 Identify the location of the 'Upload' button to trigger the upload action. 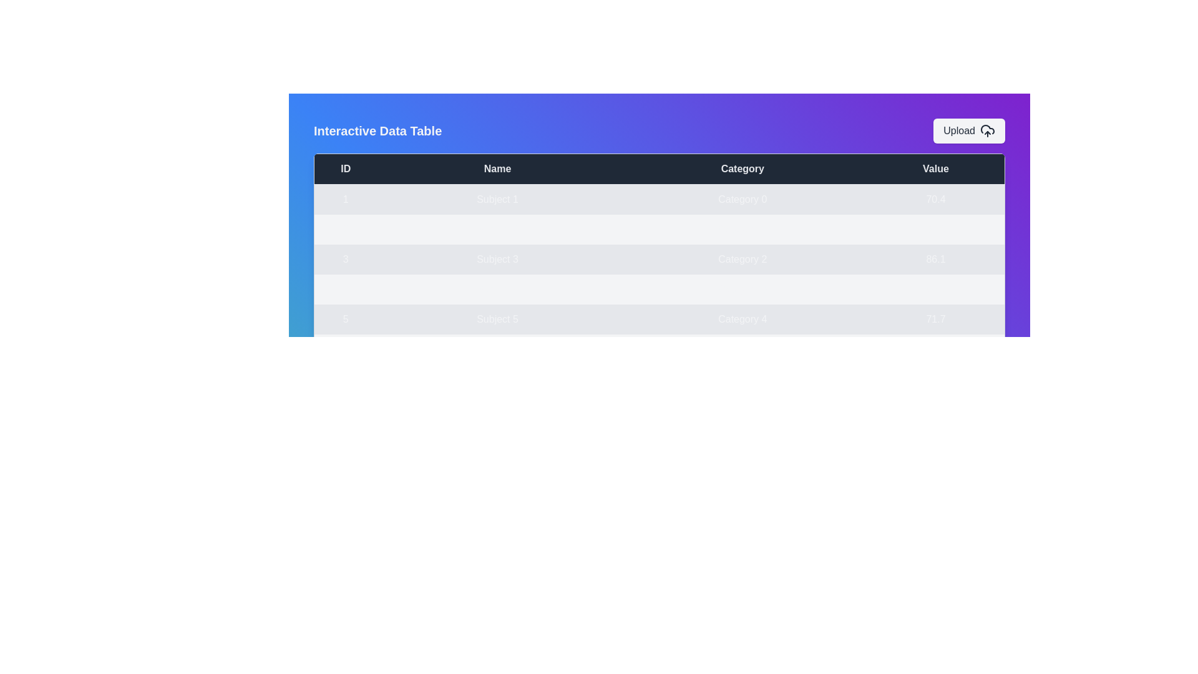
(968, 130).